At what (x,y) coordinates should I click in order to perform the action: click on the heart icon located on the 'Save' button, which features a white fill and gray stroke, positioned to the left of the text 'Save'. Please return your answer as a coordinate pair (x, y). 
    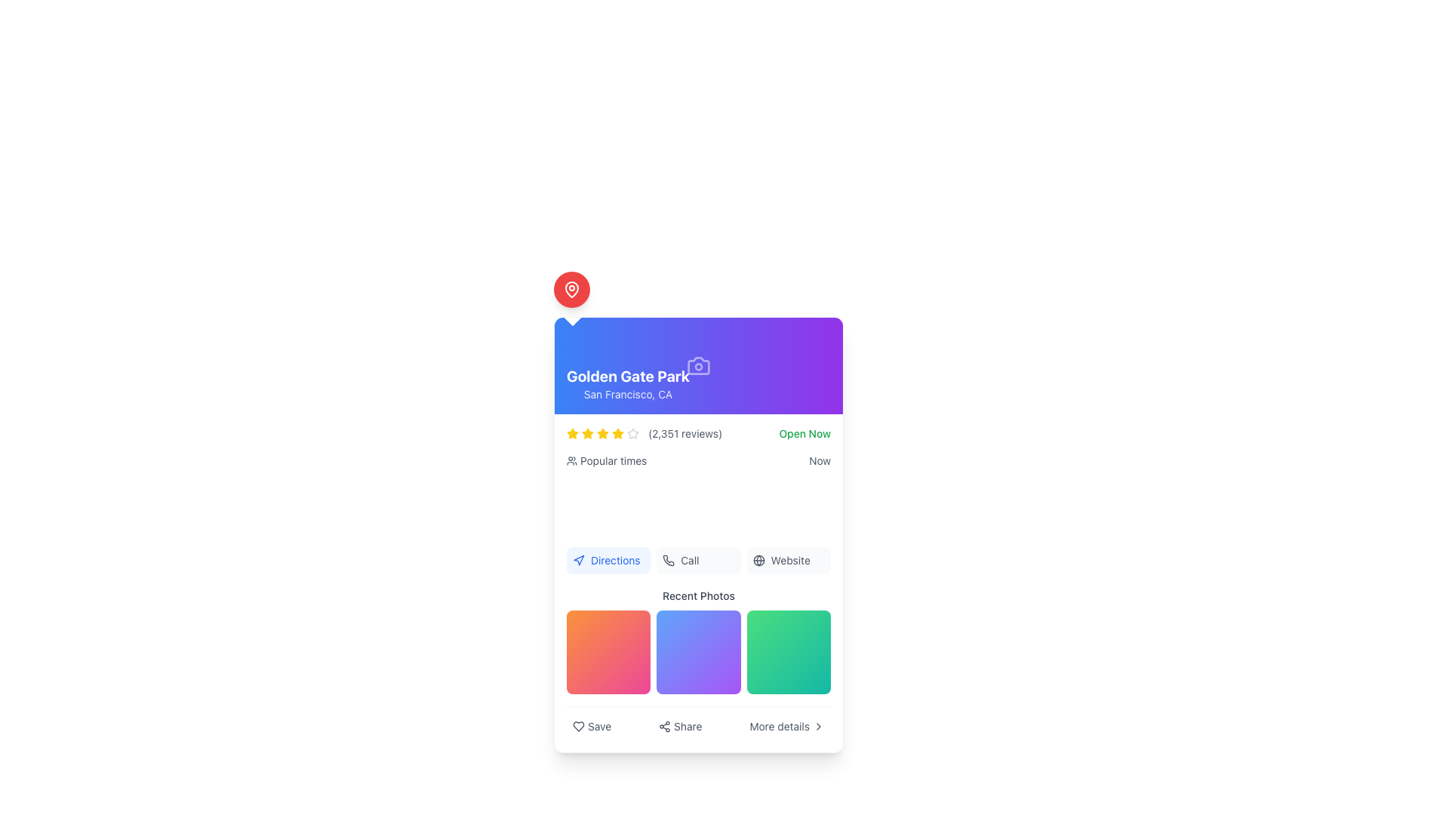
    Looking at the image, I should click on (578, 726).